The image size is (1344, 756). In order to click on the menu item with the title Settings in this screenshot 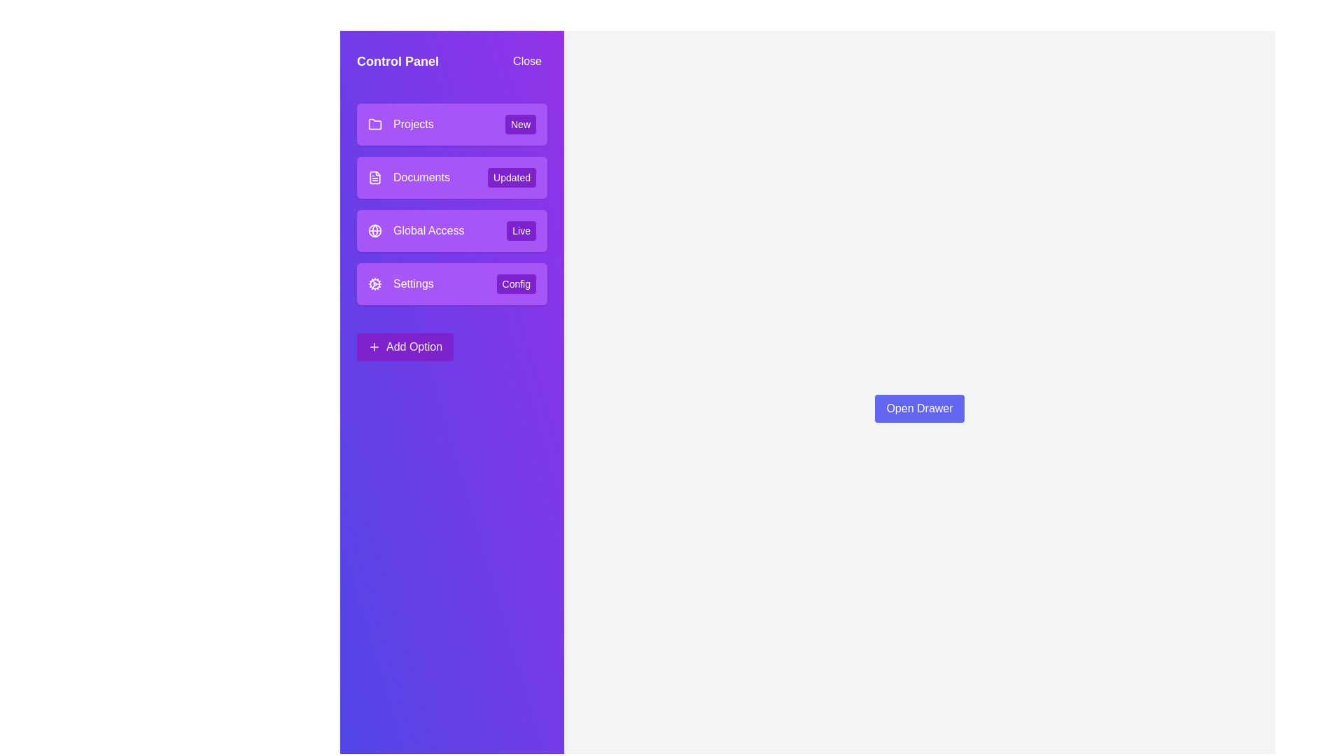, I will do `click(452, 283)`.